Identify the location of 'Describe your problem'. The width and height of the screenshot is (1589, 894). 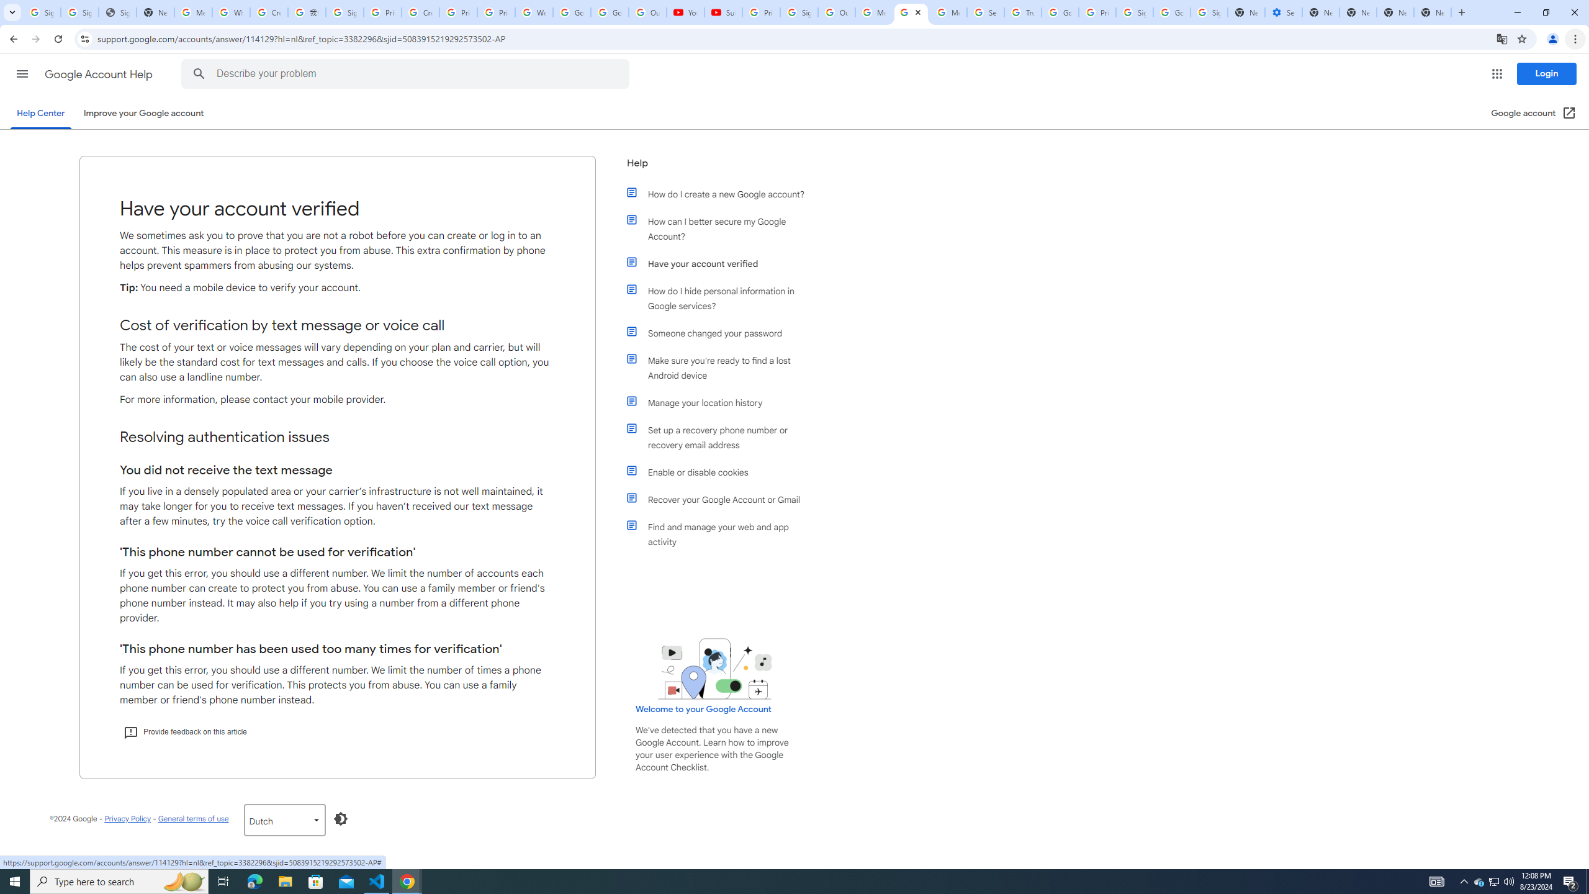
(407, 73).